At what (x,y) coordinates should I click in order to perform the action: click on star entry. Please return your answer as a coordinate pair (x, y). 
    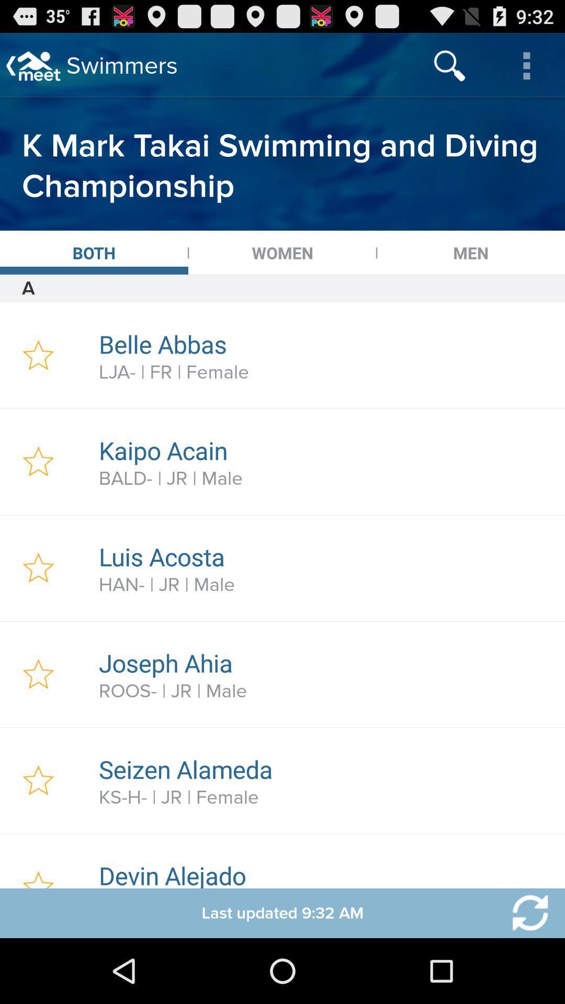
    Looking at the image, I should click on (38, 356).